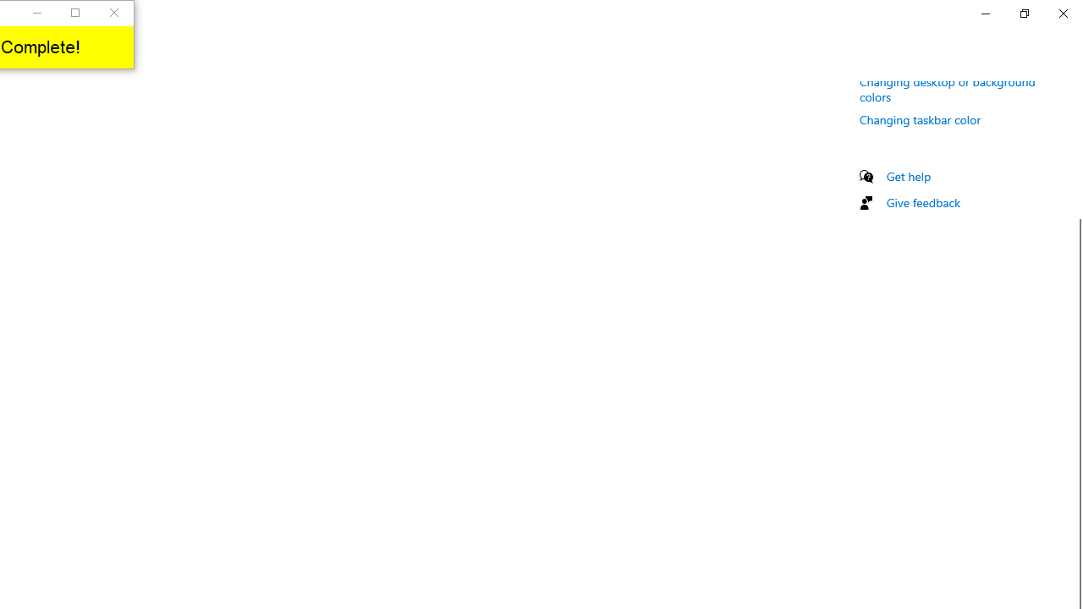 Image resolution: width=1083 pixels, height=609 pixels. What do you see at coordinates (922, 201) in the screenshot?
I see `'Give feedback'` at bounding box center [922, 201].